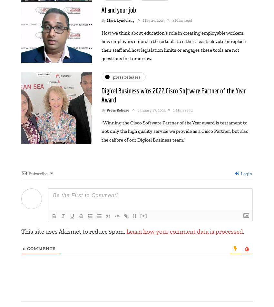 The height and width of the screenshot is (307, 274). What do you see at coordinates (120, 20) in the screenshot?
I see `'Mark Lyndersay'` at bounding box center [120, 20].